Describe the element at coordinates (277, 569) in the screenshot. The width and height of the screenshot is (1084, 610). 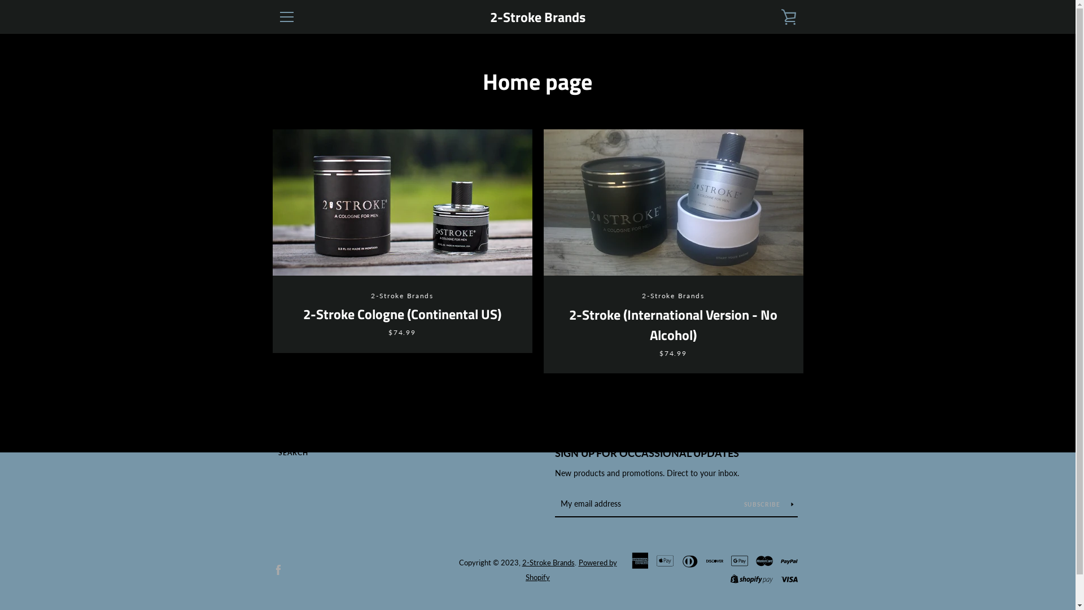
I see `'Facebook'` at that location.